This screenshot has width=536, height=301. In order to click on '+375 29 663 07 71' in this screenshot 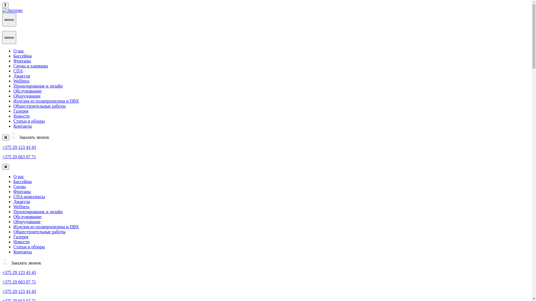, I will do `click(19, 157)`.